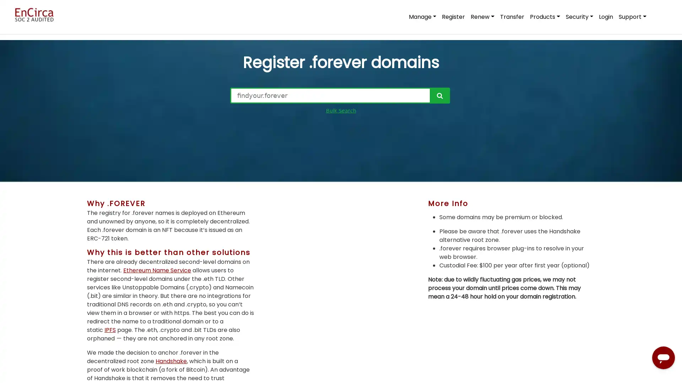  I want to click on Manage, so click(422, 16).